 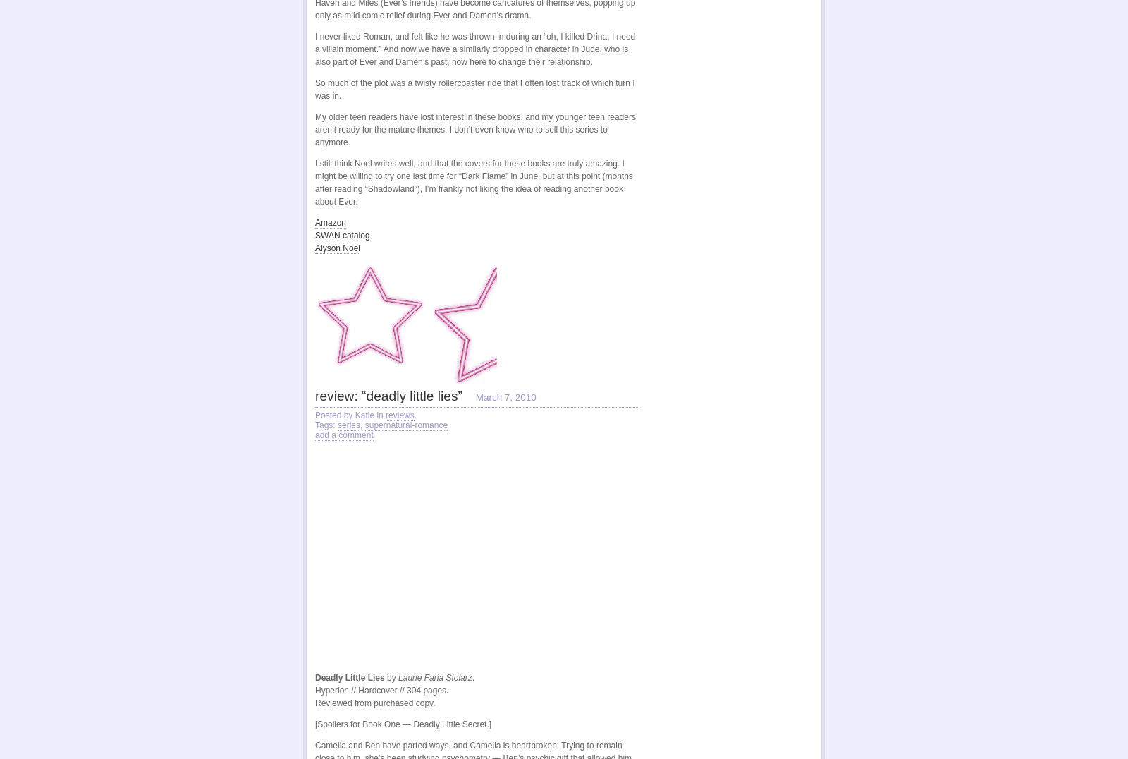 What do you see at coordinates (343, 435) in the screenshot?
I see `'add a comment'` at bounding box center [343, 435].